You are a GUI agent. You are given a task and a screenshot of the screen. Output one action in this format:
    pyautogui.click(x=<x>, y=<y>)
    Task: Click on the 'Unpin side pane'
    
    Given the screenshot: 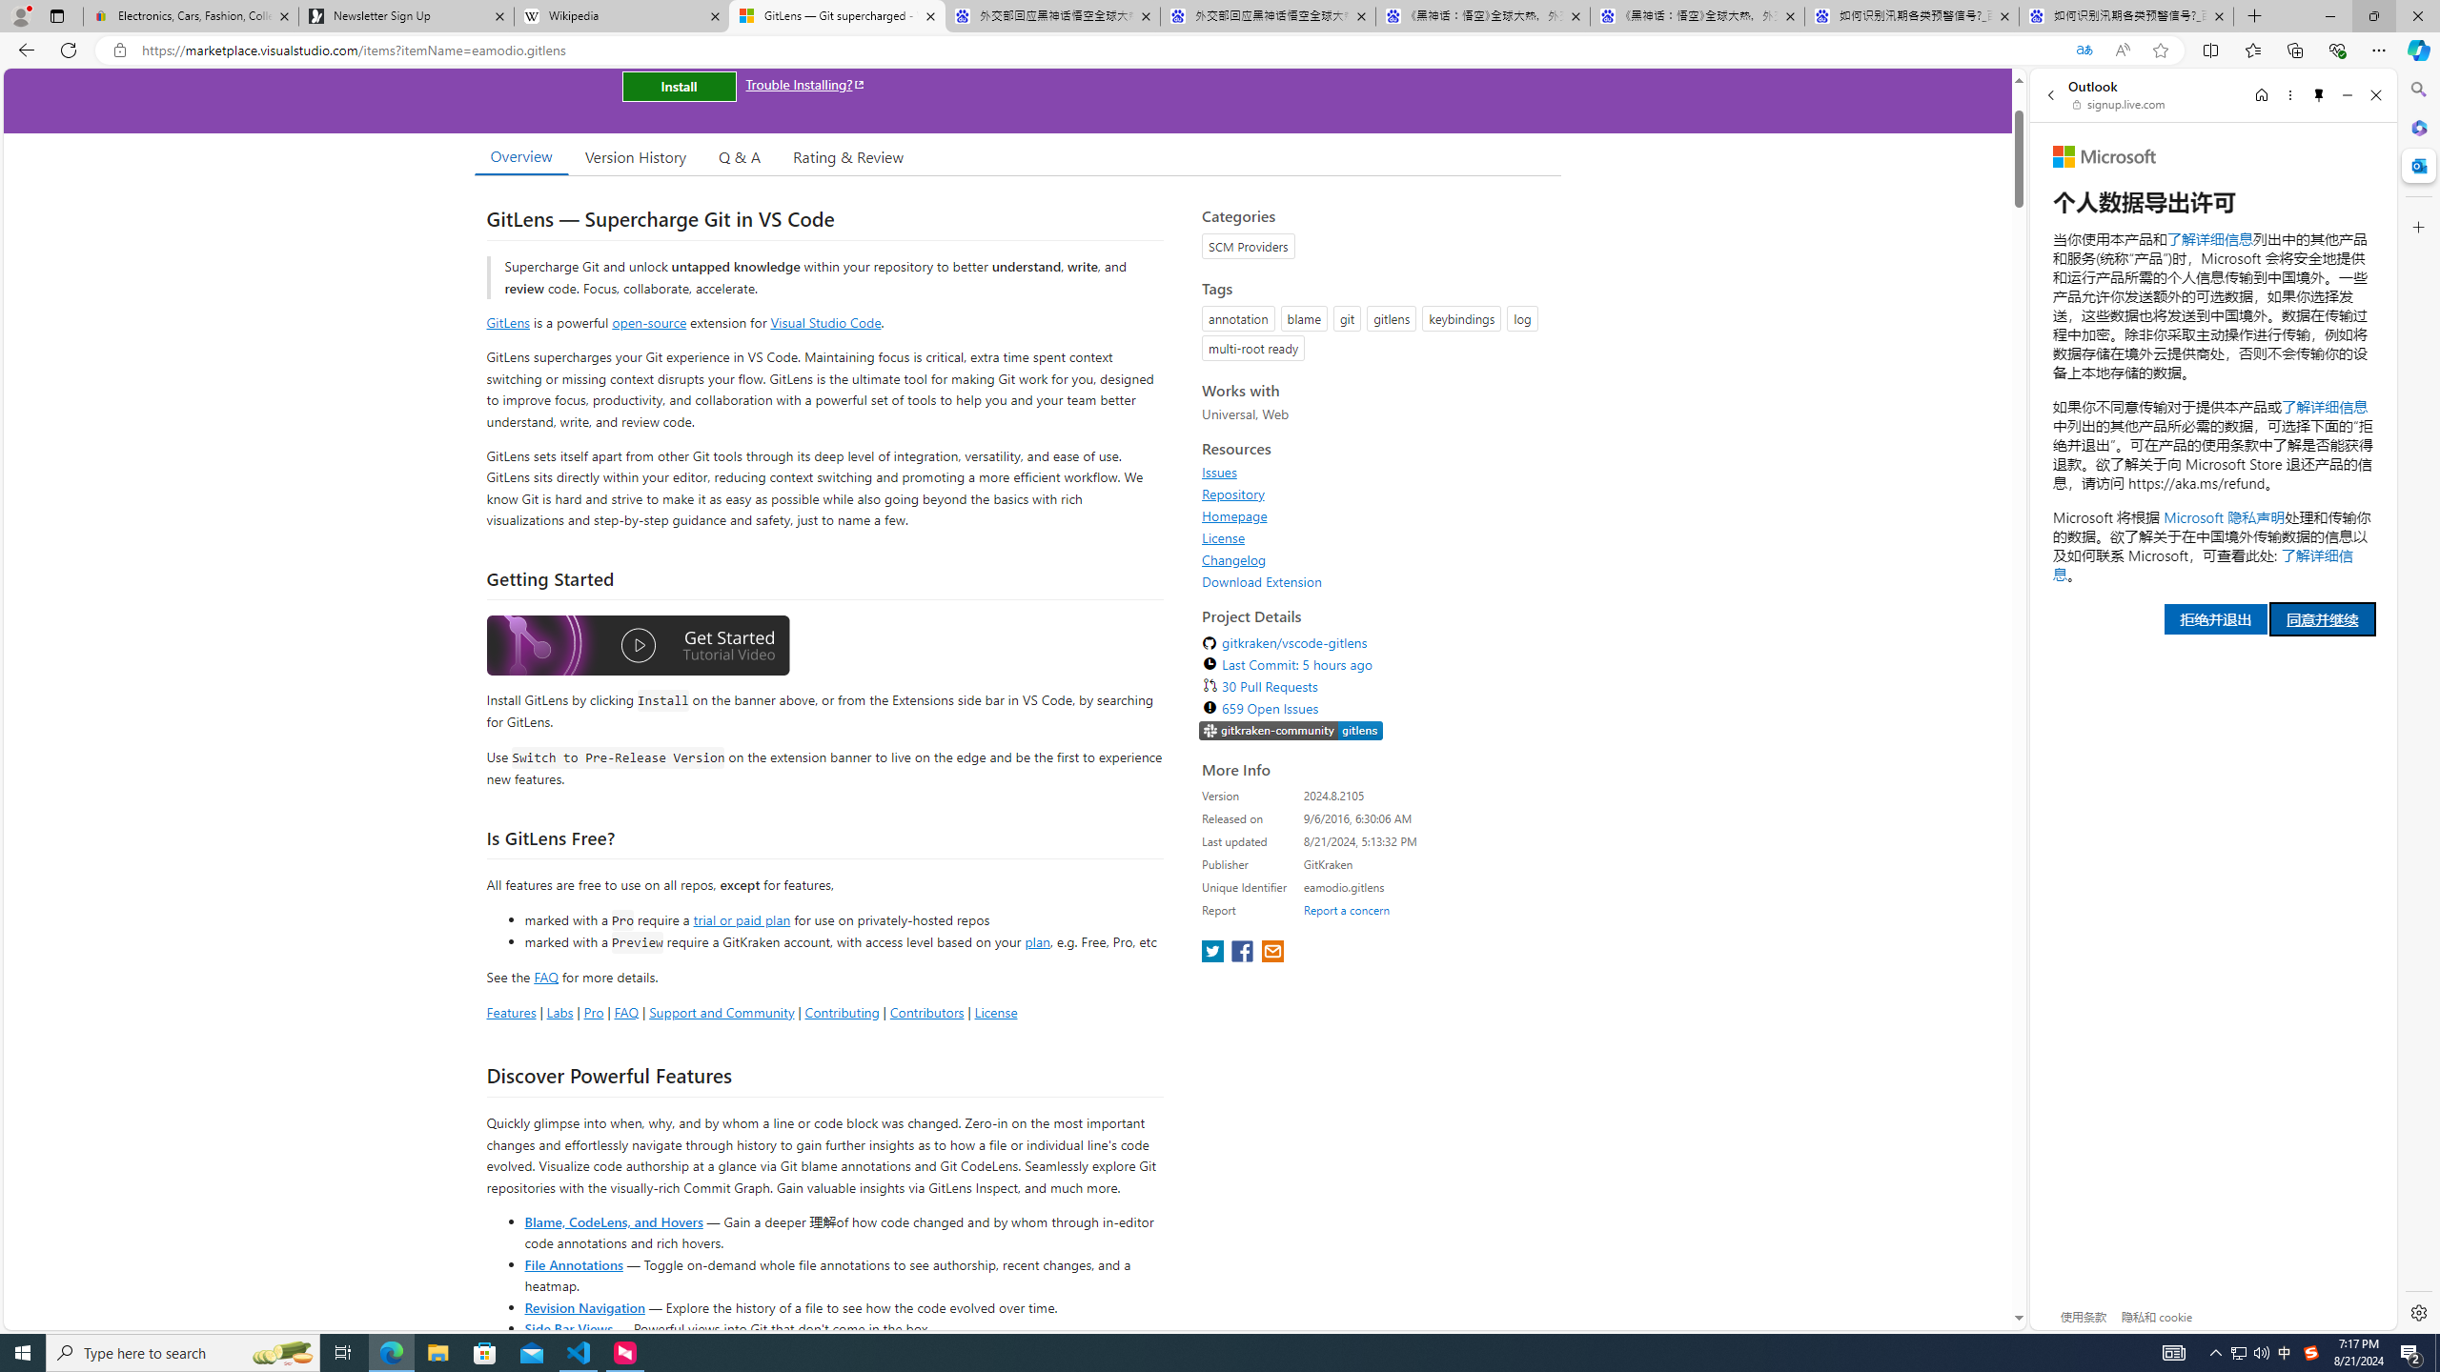 What is the action you would take?
    pyautogui.click(x=2319, y=94)
    